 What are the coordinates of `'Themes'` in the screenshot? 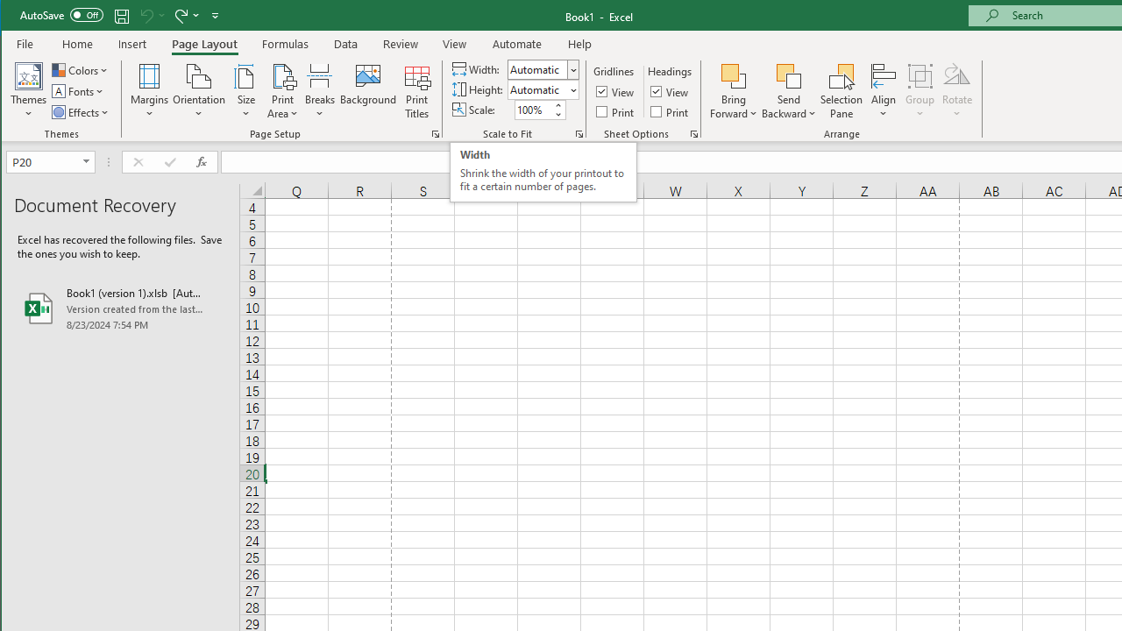 It's located at (29, 91).